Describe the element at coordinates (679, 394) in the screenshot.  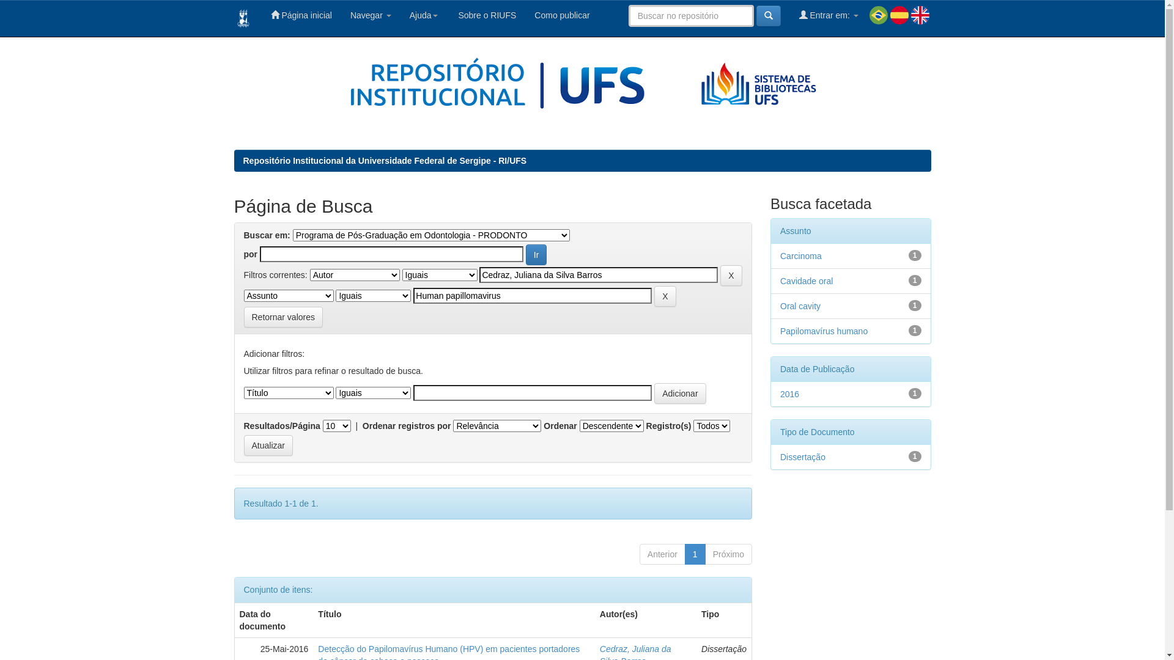
I see `'Adicionar'` at that location.